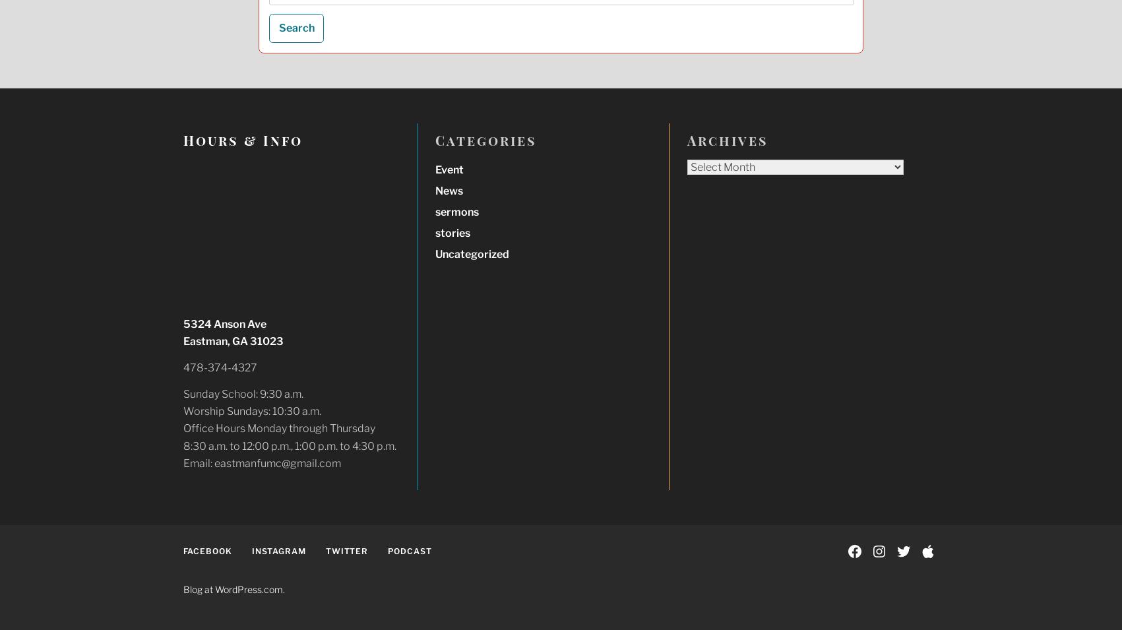  What do you see at coordinates (220, 367) in the screenshot?
I see `'478-374-4327'` at bounding box center [220, 367].